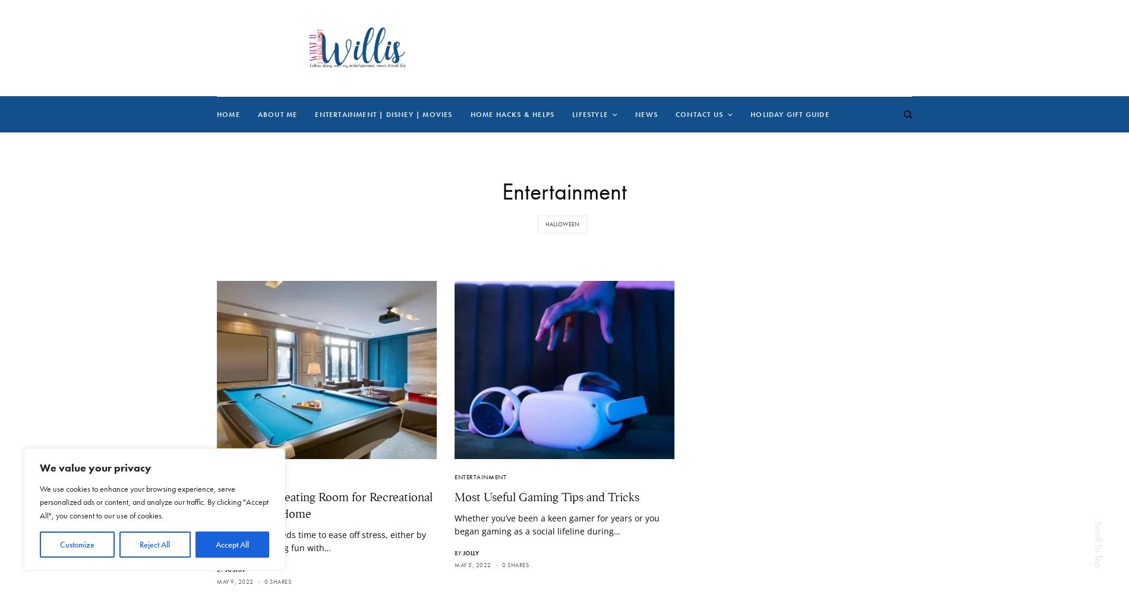 The image size is (1129, 601). What do you see at coordinates (234, 569) in the screenshot?
I see `'Justin'` at bounding box center [234, 569].